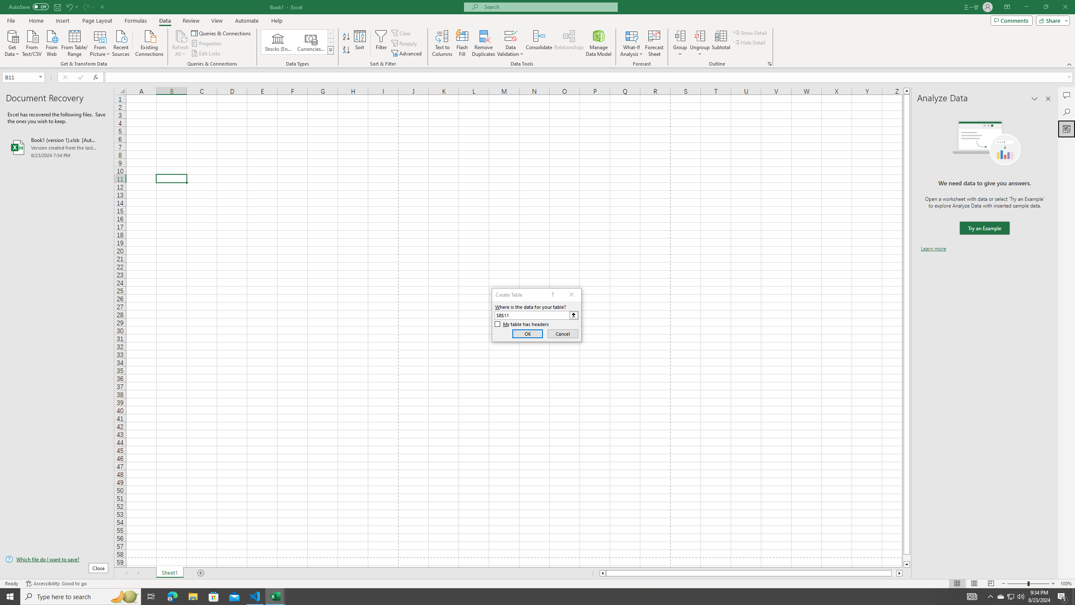  I want to click on 'Show Detail', so click(750, 32).